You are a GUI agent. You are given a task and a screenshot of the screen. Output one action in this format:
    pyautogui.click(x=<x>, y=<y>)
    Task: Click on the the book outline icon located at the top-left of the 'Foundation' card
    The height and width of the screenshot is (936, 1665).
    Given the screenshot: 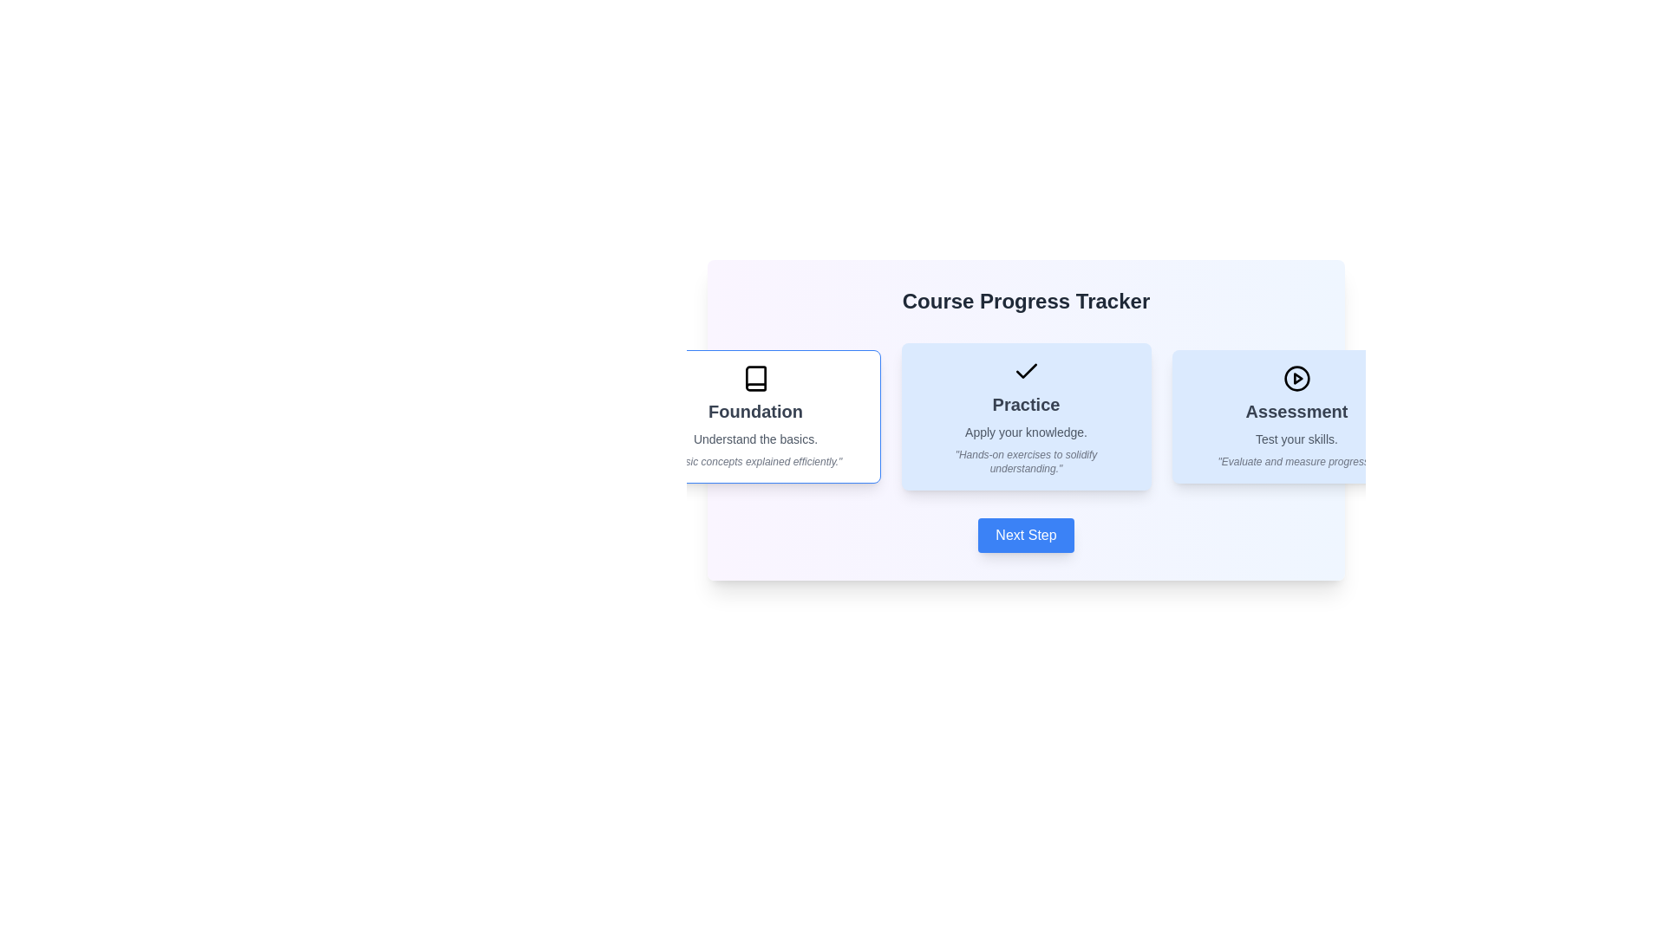 What is the action you would take?
    pyautogui.click(x=755, y=377)
    